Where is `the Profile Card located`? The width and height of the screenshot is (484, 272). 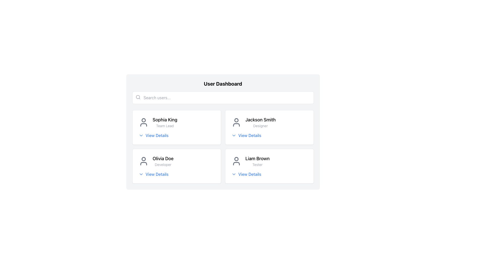
the Profile Card located is located at coordinates (269, 161).